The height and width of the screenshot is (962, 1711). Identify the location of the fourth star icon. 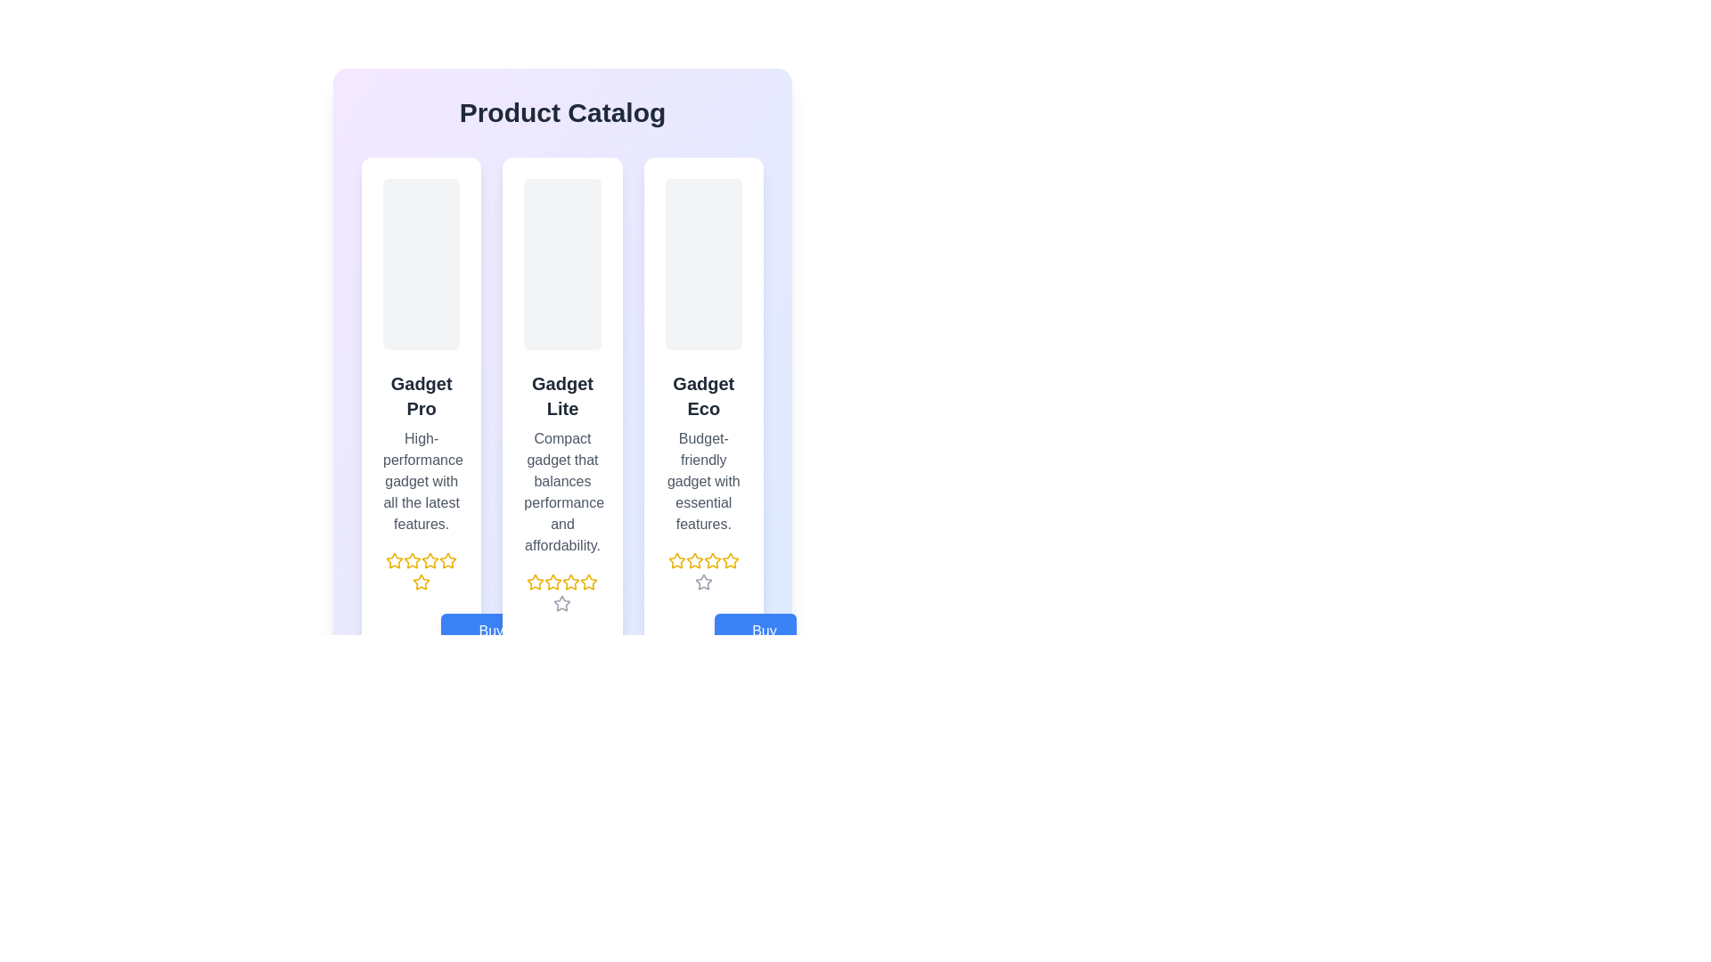
(589, 582).